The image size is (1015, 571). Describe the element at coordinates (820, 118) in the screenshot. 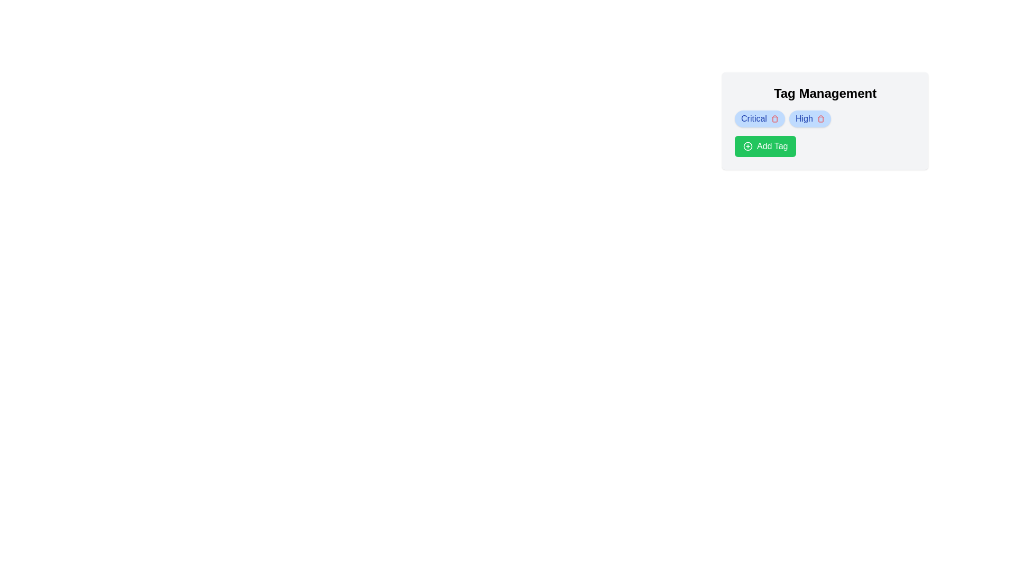

I see `the compact red trash icon located immediately to the right of the 'High' label in the Tag Management section` at that location.